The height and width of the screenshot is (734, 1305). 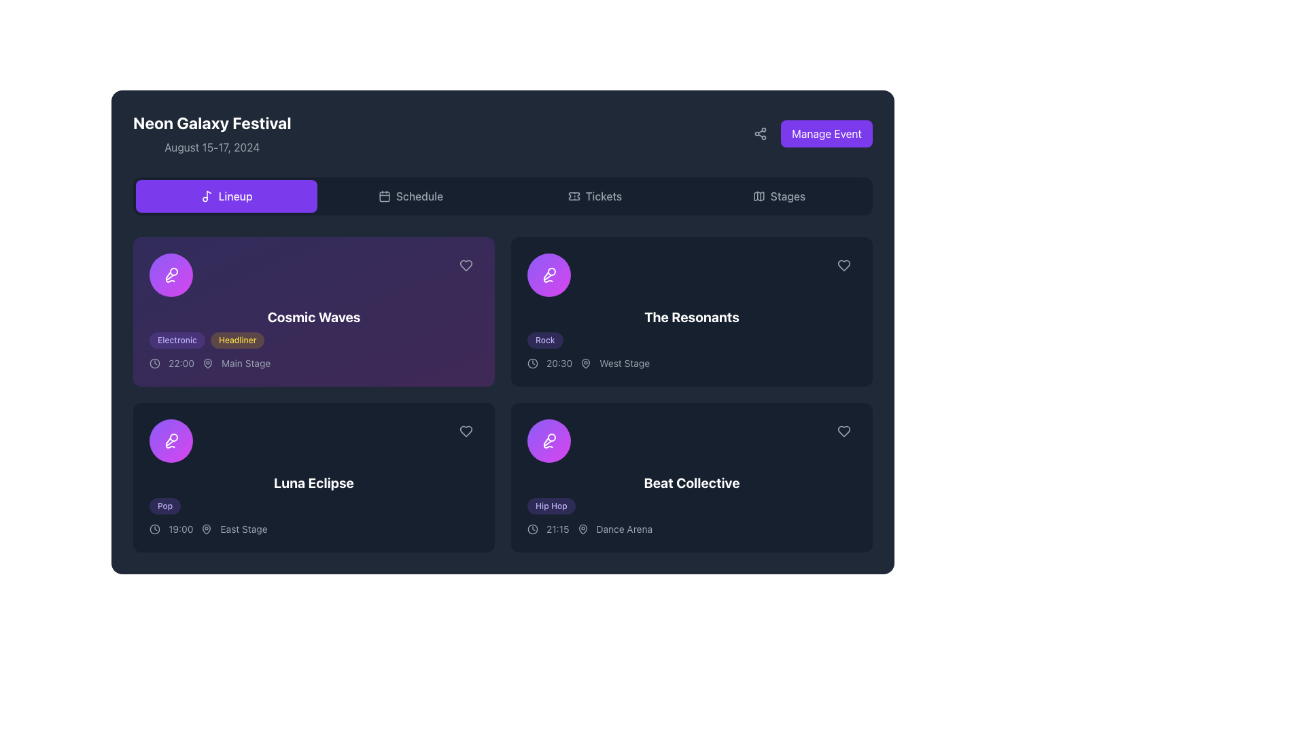 What do you see at coordinates (582, 529) in the screenshot?
I see `the map pin icon located in the event details section for 'Beat Collective', positioned to the right of the time '21:15' and to the left of the text 'Dance Arena'` at bounding box center [582, 529].